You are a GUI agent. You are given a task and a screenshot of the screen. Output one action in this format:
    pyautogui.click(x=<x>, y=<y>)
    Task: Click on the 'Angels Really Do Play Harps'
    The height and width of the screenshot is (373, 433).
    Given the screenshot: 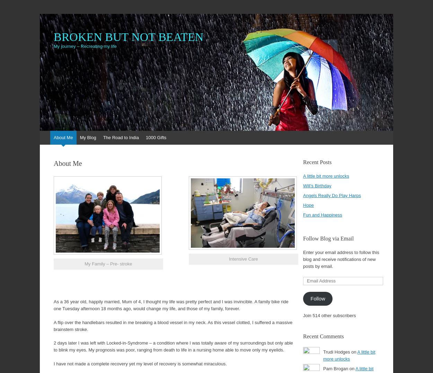 What is the action you would take?
    pyautogui.click(x=332, y=195)
    